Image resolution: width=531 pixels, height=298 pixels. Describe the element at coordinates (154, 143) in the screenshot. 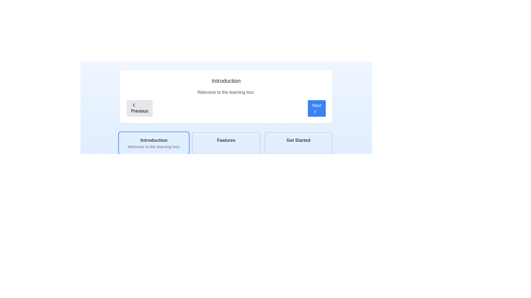

I see `the leftmost informational card that introduces the learning tour, located in the grid layout with 'Features' and 'Get Started' to its right` at that location.